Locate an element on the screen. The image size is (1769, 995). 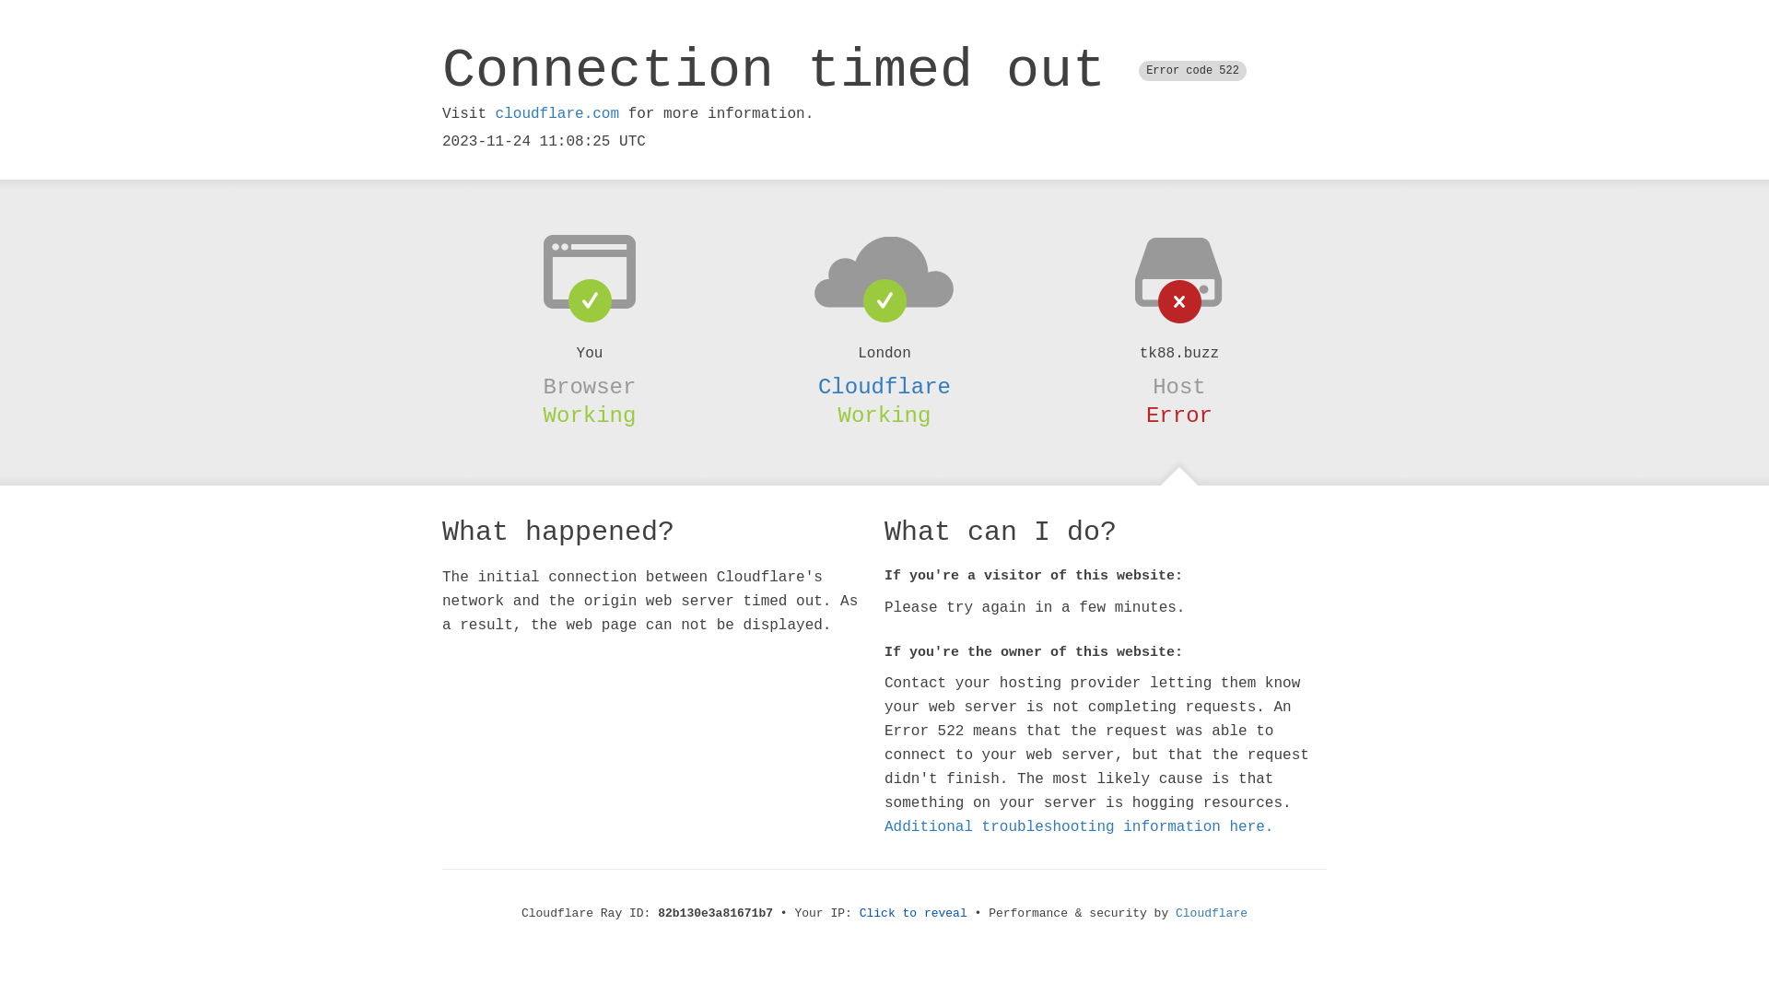
'cloudflare.com' is located at coordinates (556, 113).